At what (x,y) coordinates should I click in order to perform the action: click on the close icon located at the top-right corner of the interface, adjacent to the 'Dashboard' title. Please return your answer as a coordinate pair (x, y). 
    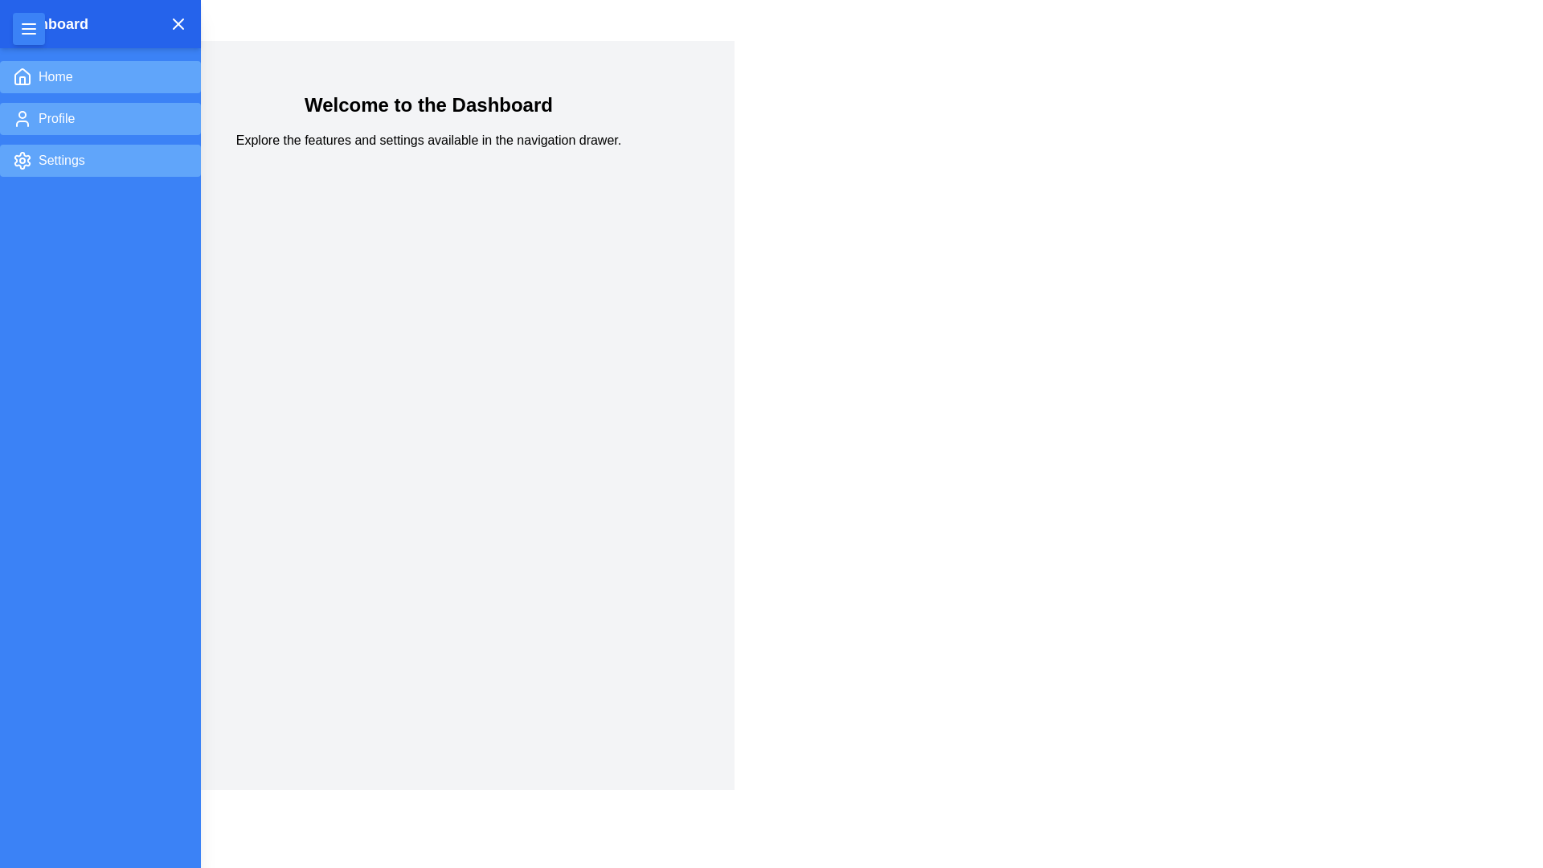
    Looking at the image, I should click on (178, 24).